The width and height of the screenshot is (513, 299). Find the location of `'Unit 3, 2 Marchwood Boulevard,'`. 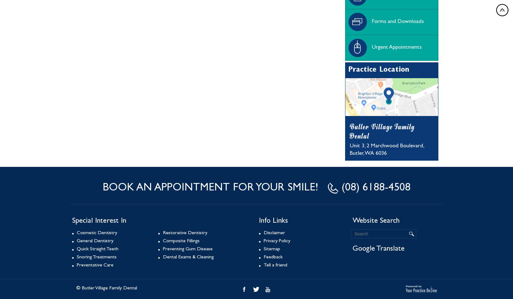

'Unit 3, 2 Marchwood Boulevard,' is located at coordinates (386, 146).